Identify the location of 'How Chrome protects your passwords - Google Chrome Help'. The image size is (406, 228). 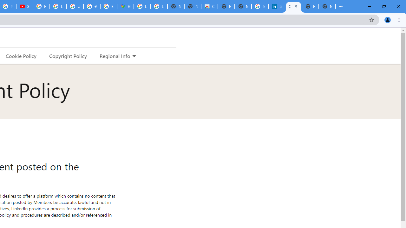
(41, 6).